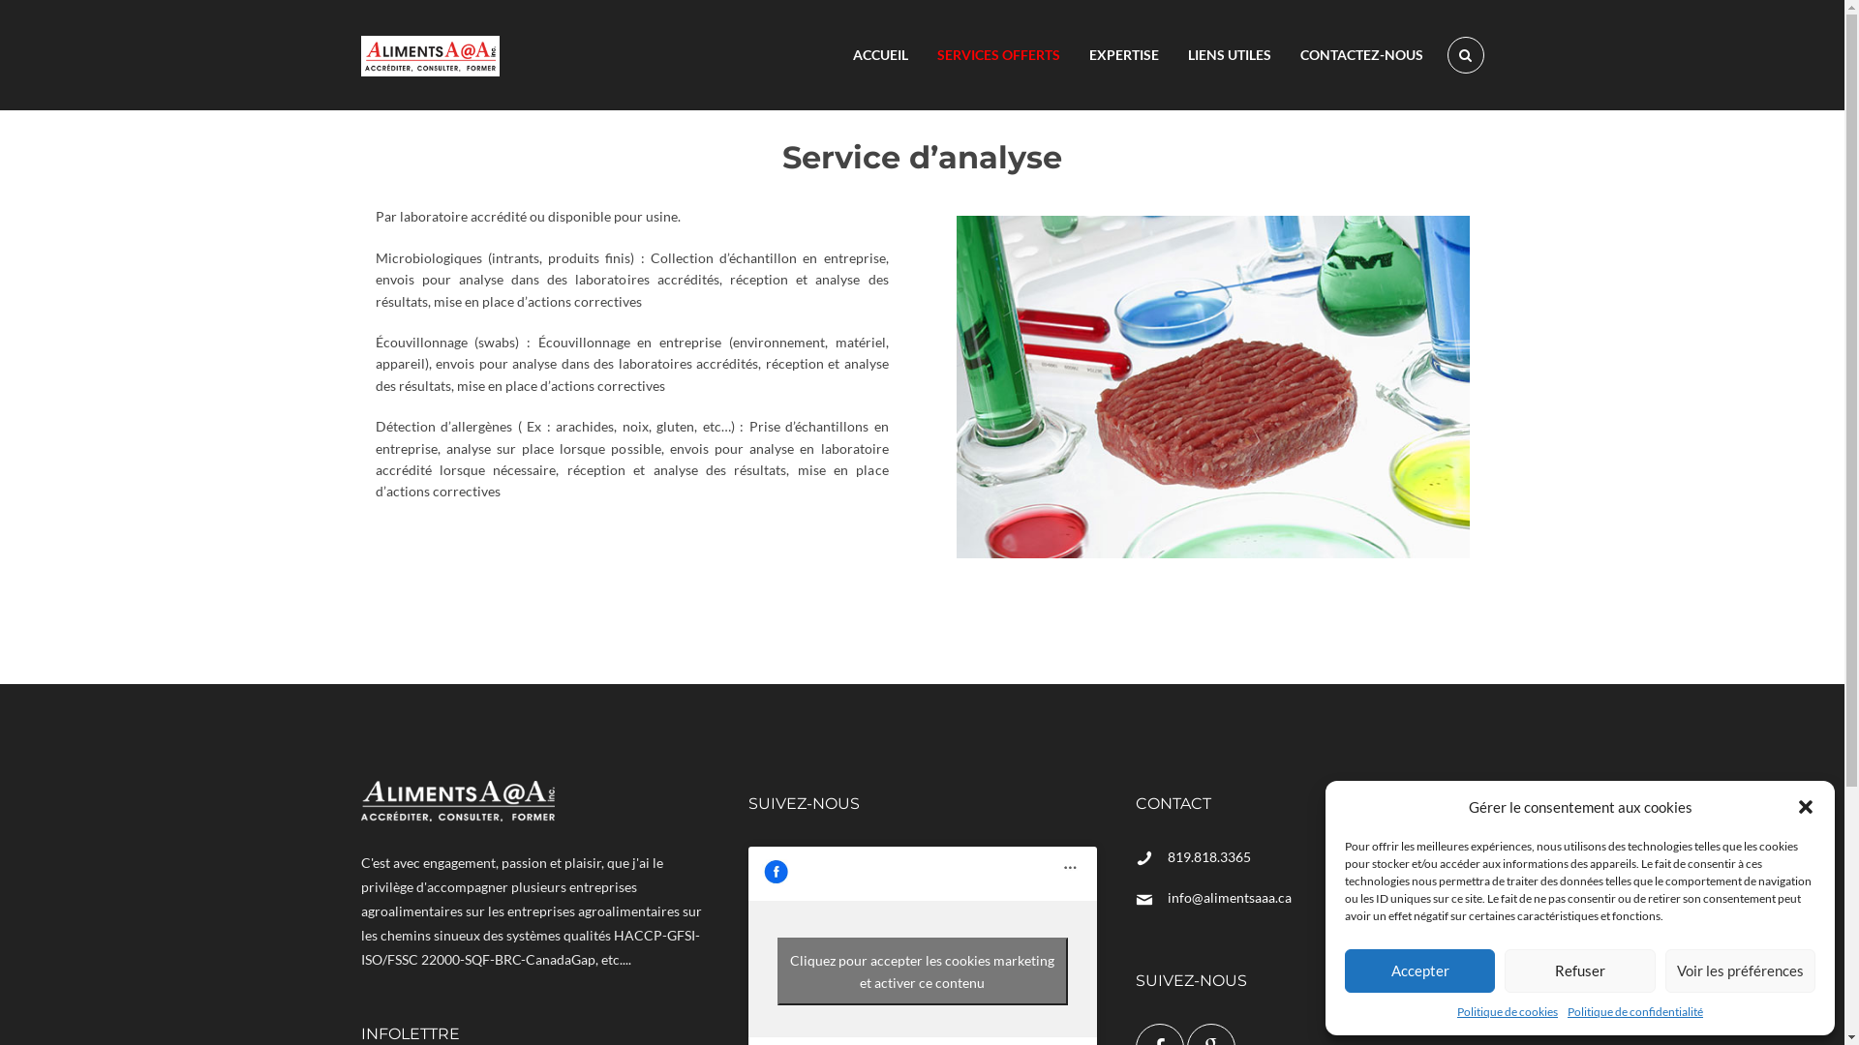 The image size is (1859, 1045). Describe the element at coordinates (1229, 54) in the screenshot. I see `'LIENS UTILES'` at that location.